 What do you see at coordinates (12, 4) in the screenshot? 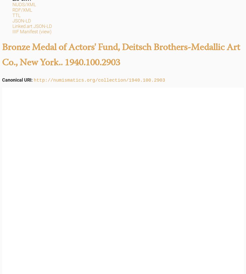
I see `'NUDS/XML'` at bounding box center [12, 4].